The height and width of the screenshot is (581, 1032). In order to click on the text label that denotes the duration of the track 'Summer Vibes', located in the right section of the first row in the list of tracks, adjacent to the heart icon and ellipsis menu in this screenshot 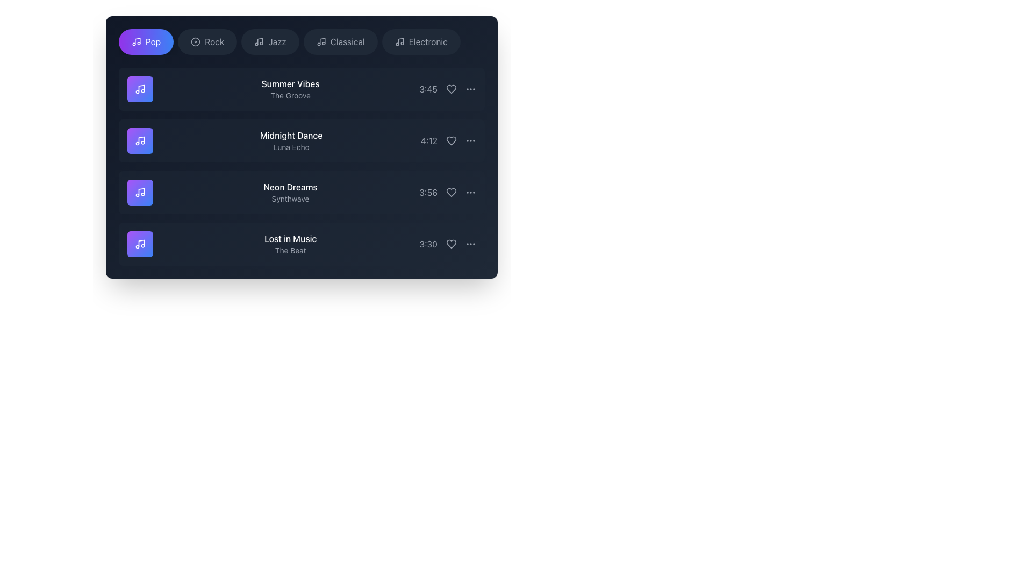, I will do `click(428, 88)`.